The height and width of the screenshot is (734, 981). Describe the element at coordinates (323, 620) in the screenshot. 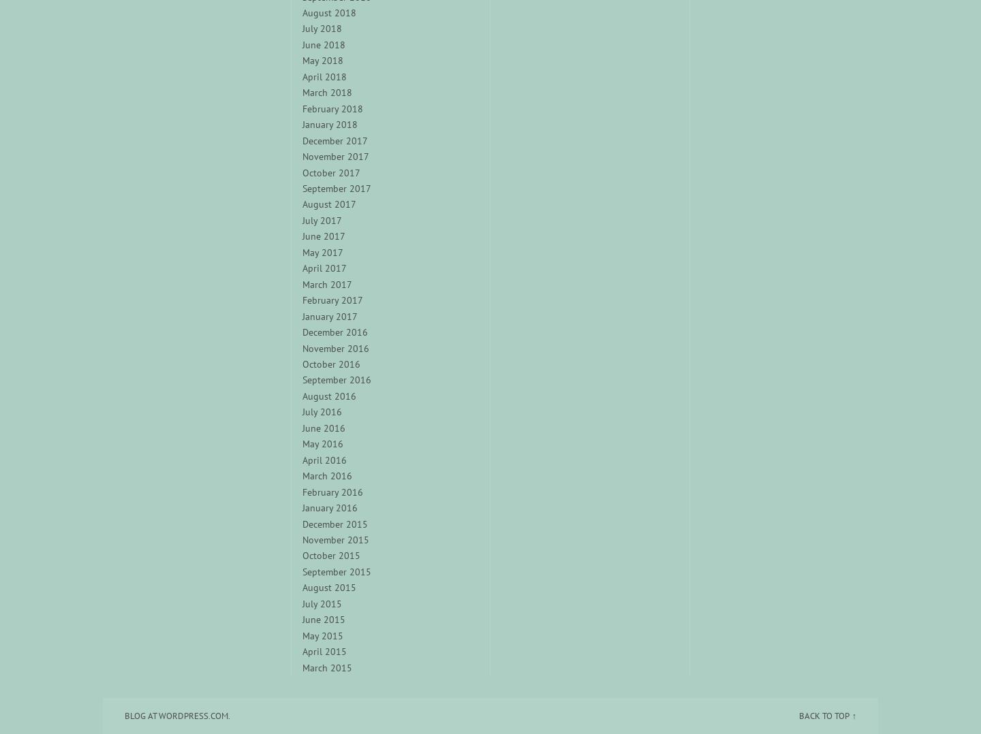

I see `'June 2015'` at that location.